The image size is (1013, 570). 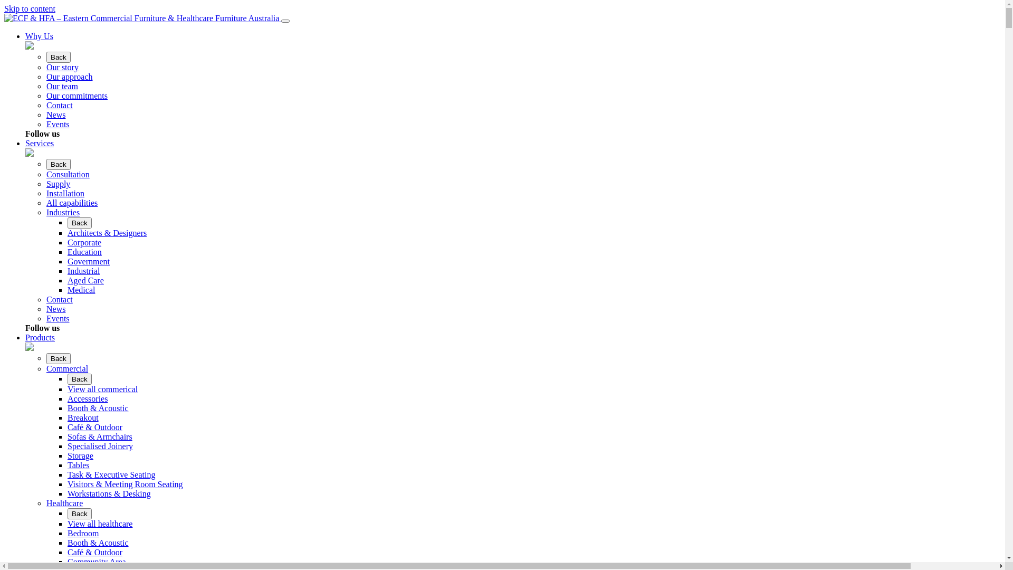 What do you see at coordinates (39, 35) in the screenshot?
I see `'Why Us'` at bounding box center [39, 35].